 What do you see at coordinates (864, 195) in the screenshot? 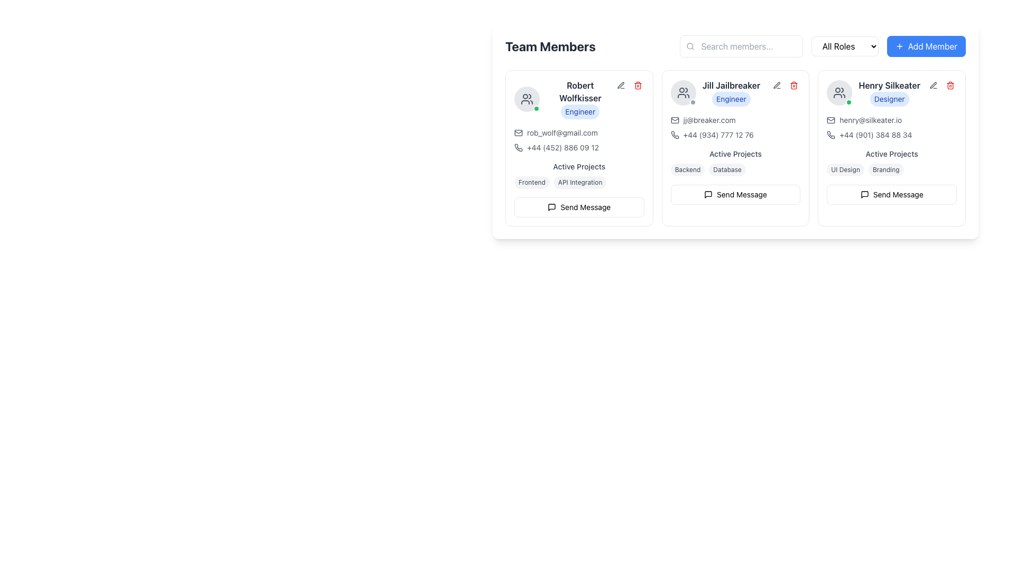
I see `the messaging icon located inside the profile card of 'Henry Silkeater' at the top-right corner of the card` at bounding box center [864, 195].